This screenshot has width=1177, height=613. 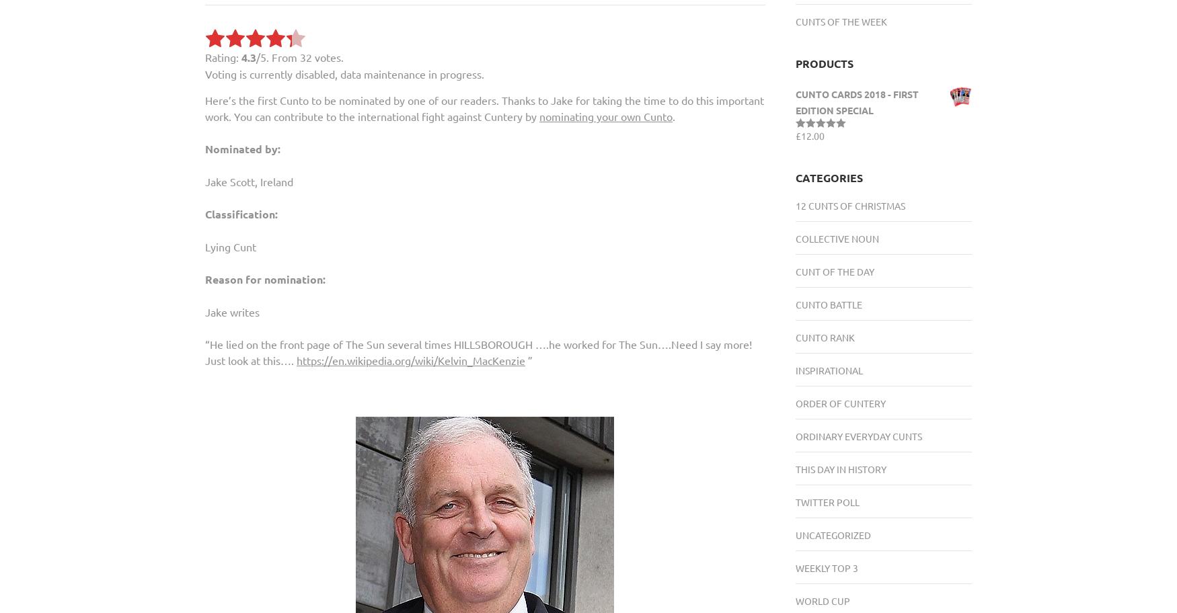 What do you see at coordinates (832, 534) in the screenshot?
I see `'Uncategorized'` at bounding box center [832, 534].